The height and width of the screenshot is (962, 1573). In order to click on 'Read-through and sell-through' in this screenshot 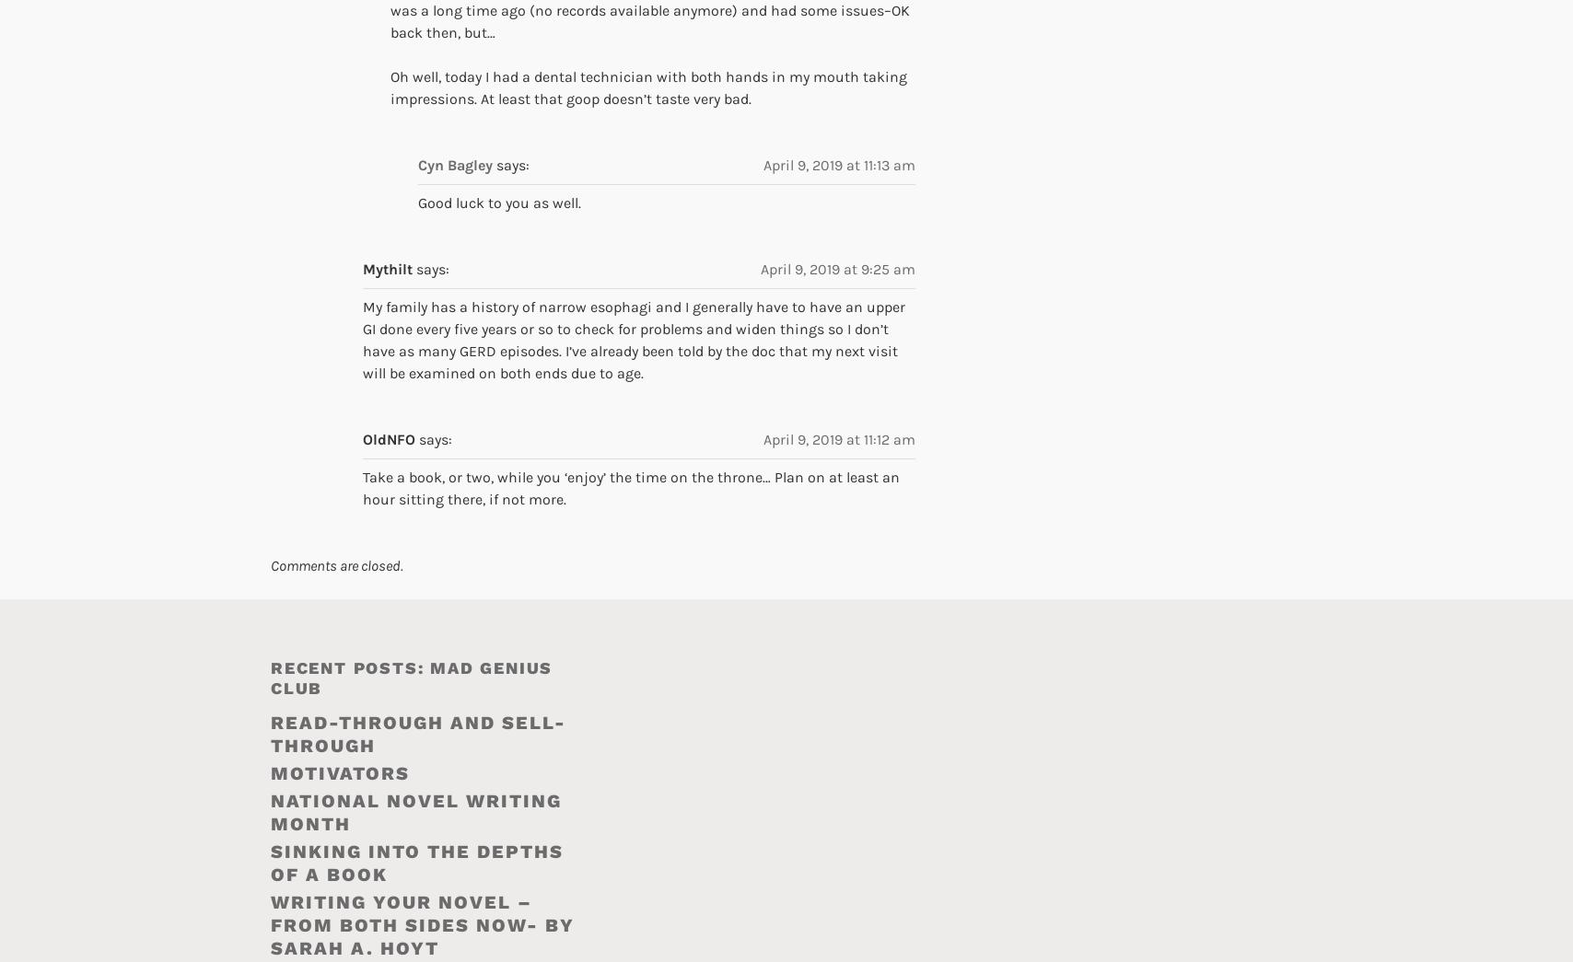, I will do `click(418, 734)`.